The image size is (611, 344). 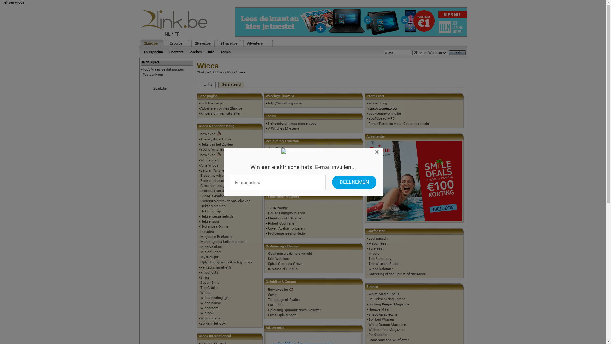 I want to click on 'FR', so click(x=177, y=34).